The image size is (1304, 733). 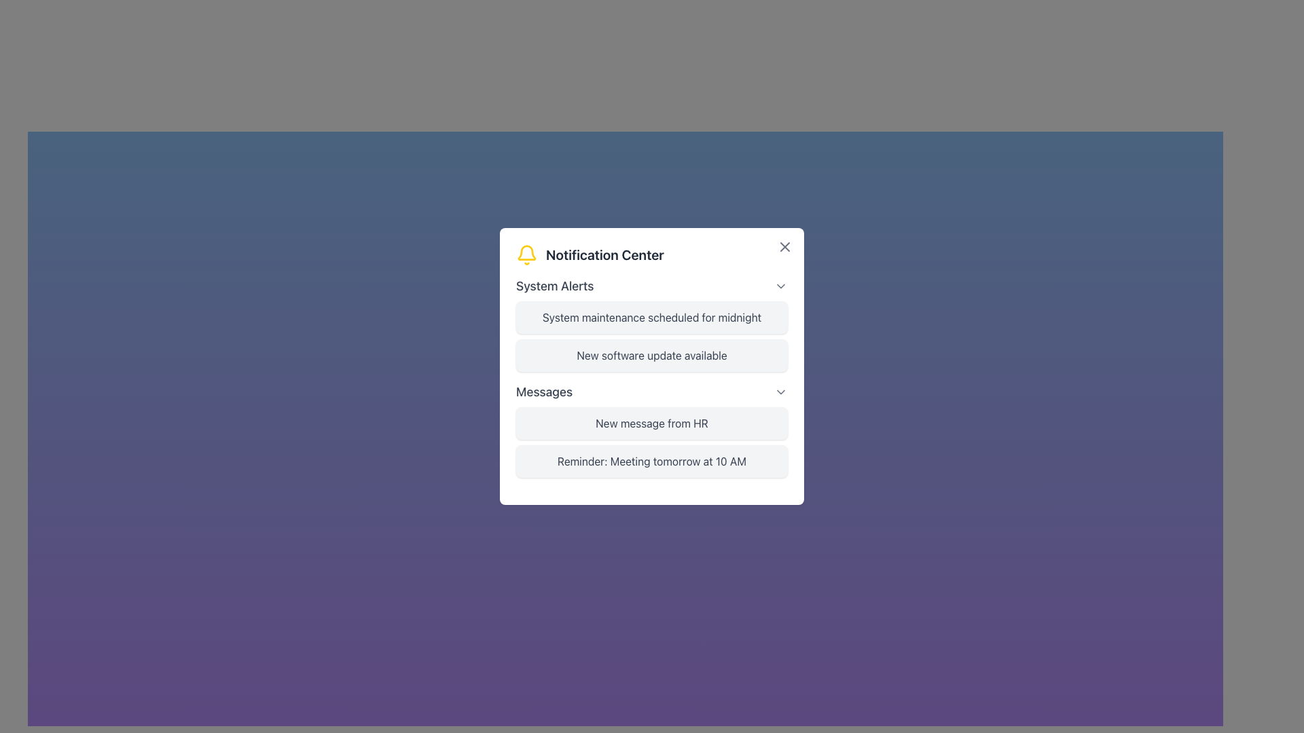 What do you see at coordinates (544, 392) in the screenshot?
I see `the 'Messages' text label located under the 'System Alerts' section in the Notification Center card` at bounding box center [544, 392].